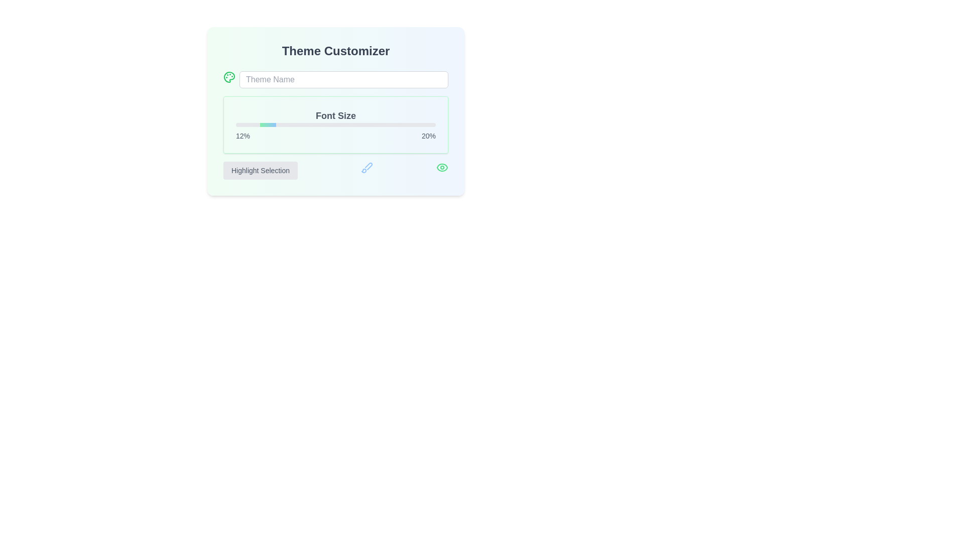 This screenshot has height=542, width=964. I want to click on the font size, so click(349, 124).